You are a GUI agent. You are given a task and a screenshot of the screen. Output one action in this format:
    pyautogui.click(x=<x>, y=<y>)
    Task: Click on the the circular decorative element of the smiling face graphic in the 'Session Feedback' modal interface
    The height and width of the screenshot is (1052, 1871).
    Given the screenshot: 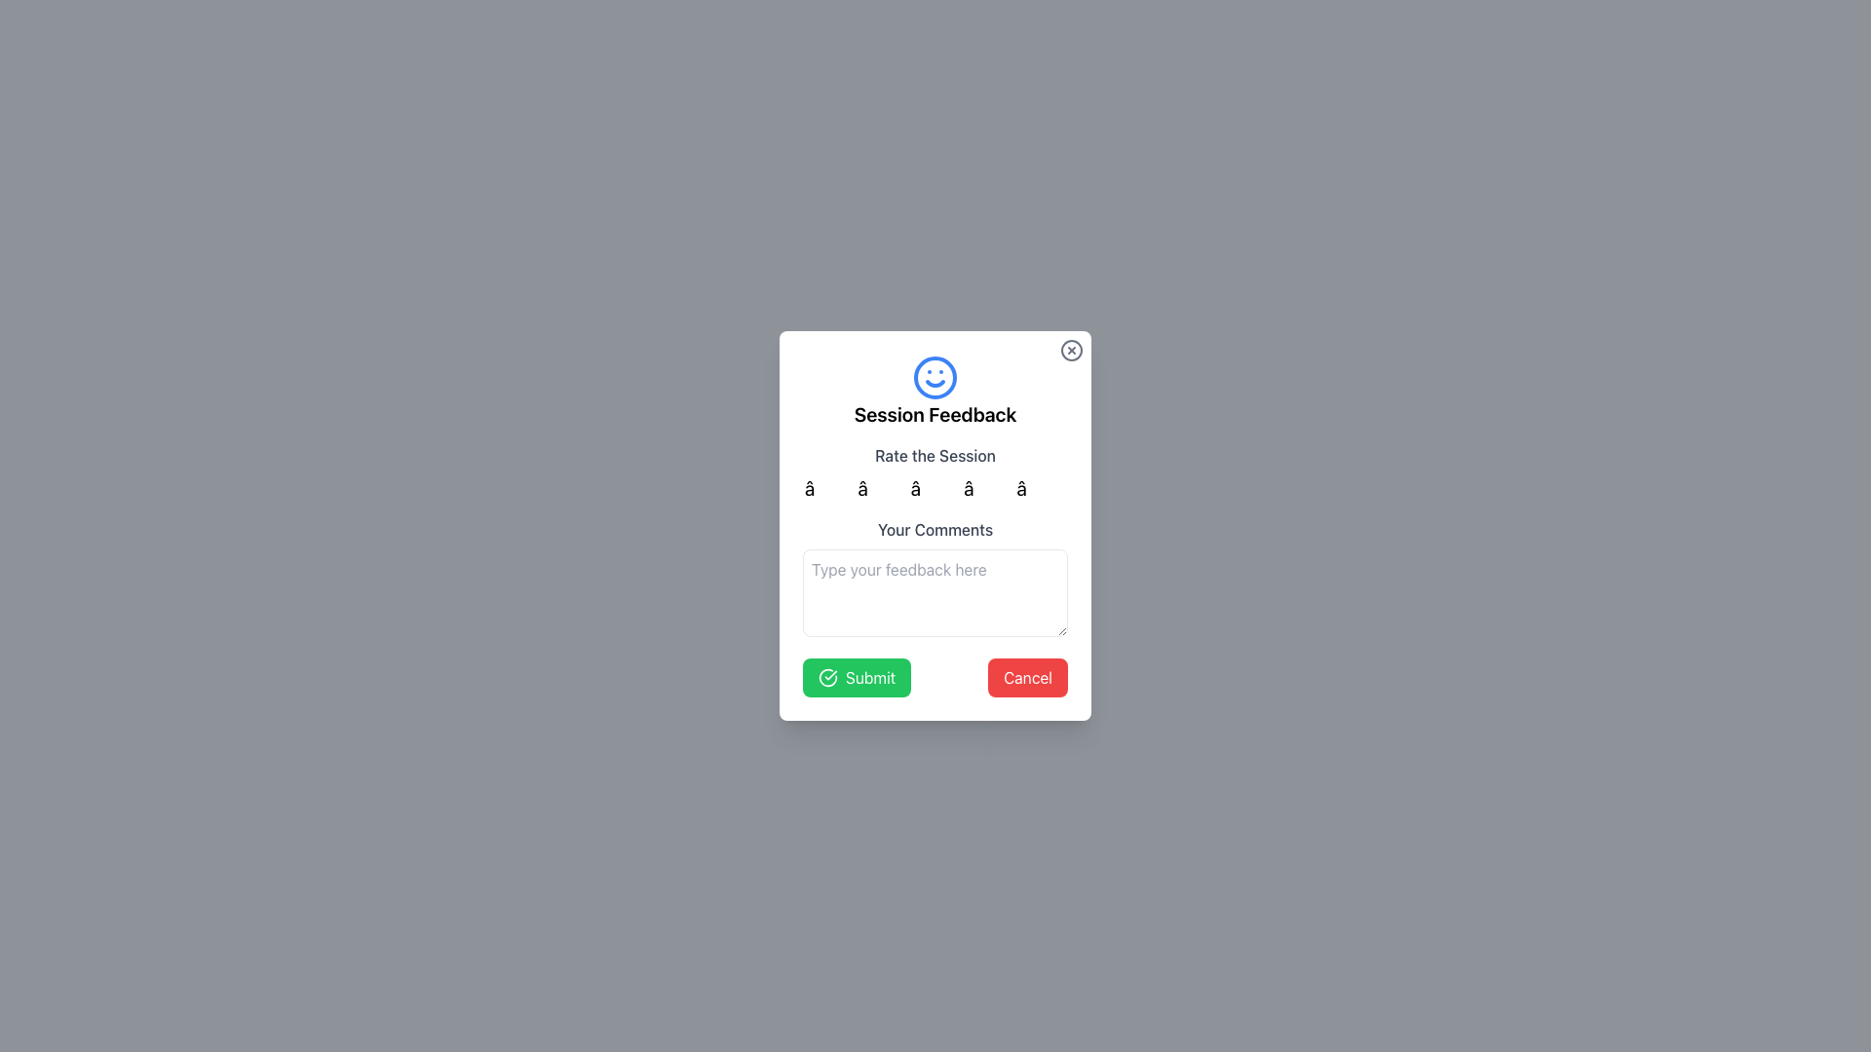 What is the action you would take?
    pyautogui.click(x=935, y=378)
    